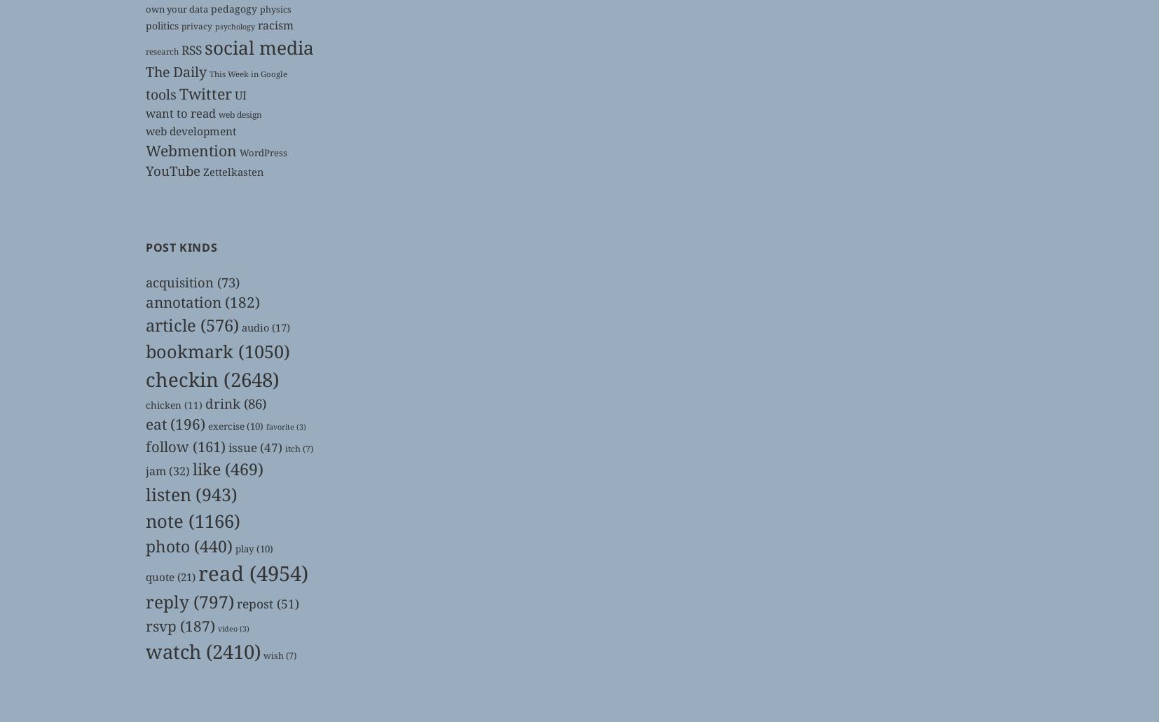 The image size is (1159, 722). What do you see at coordinates (191, 149) in the screenshot?
I see `'Webmention'` at bounding box center [191, 149].